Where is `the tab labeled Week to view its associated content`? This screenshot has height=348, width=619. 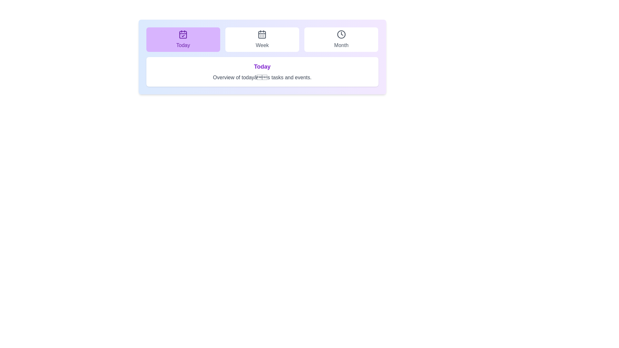 the tab labeled Week to view its associated content is located at coordinates (262, 40).